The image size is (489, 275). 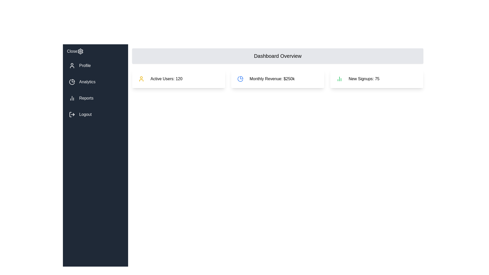 What do you see at coordinates (75, 51) in the screenshot?
I see `the gear icon at the top of the sidebar menu` at bounding box center [75, 51].